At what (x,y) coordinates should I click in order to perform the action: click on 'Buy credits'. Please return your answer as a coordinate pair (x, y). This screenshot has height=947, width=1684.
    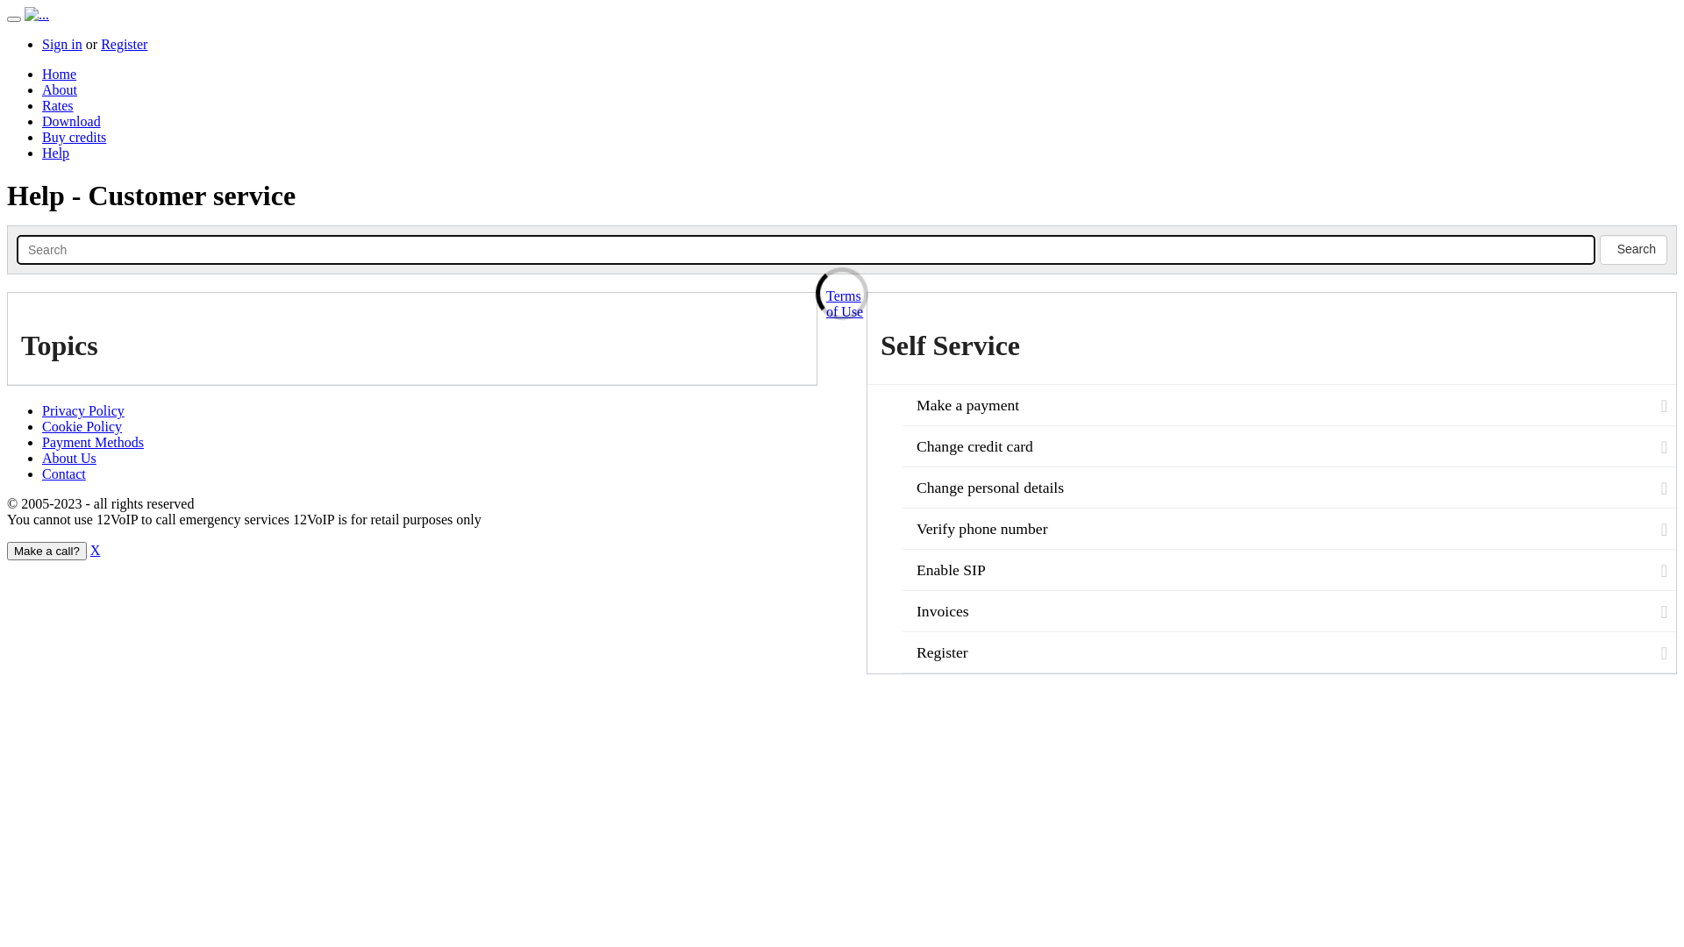
    Looking at the image, I should click on (73, 136).